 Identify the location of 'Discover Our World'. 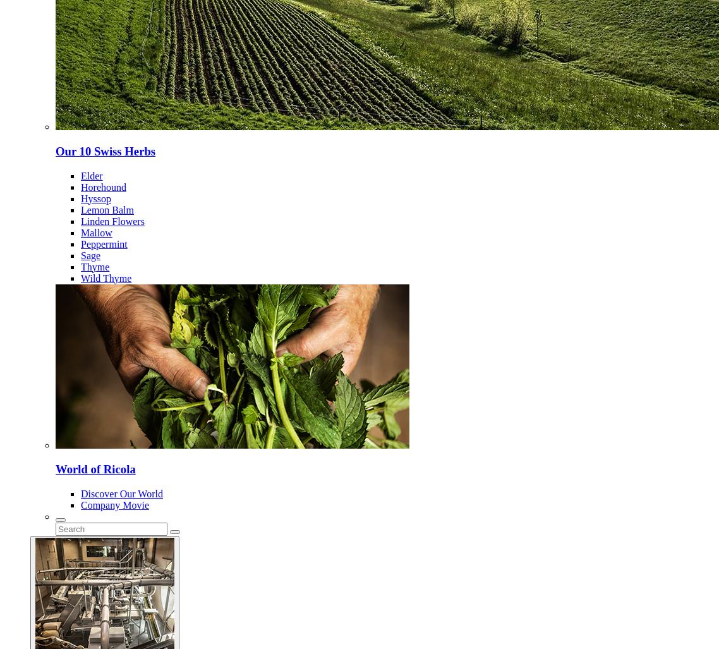
(121, 493).